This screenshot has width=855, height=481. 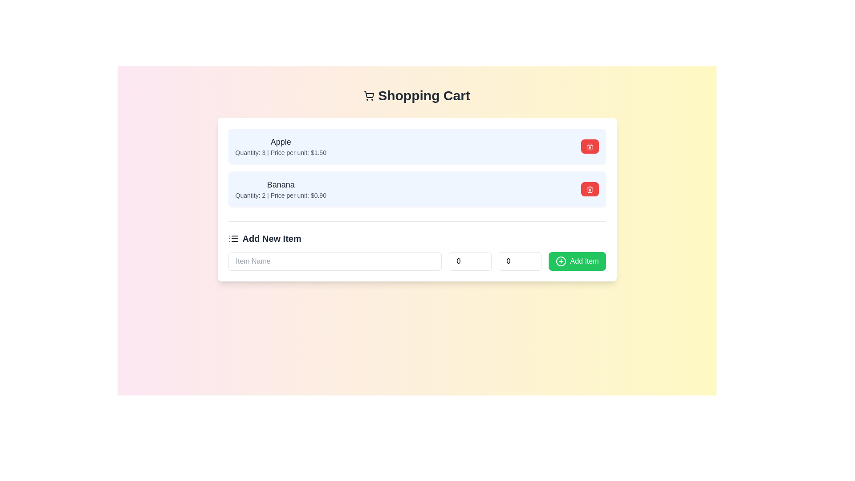 What do you see at coordinates (416, 96) in the screenshot?
I see `the 'Shopping Cart' text element located in the header section` at bounding box center [416, 96].